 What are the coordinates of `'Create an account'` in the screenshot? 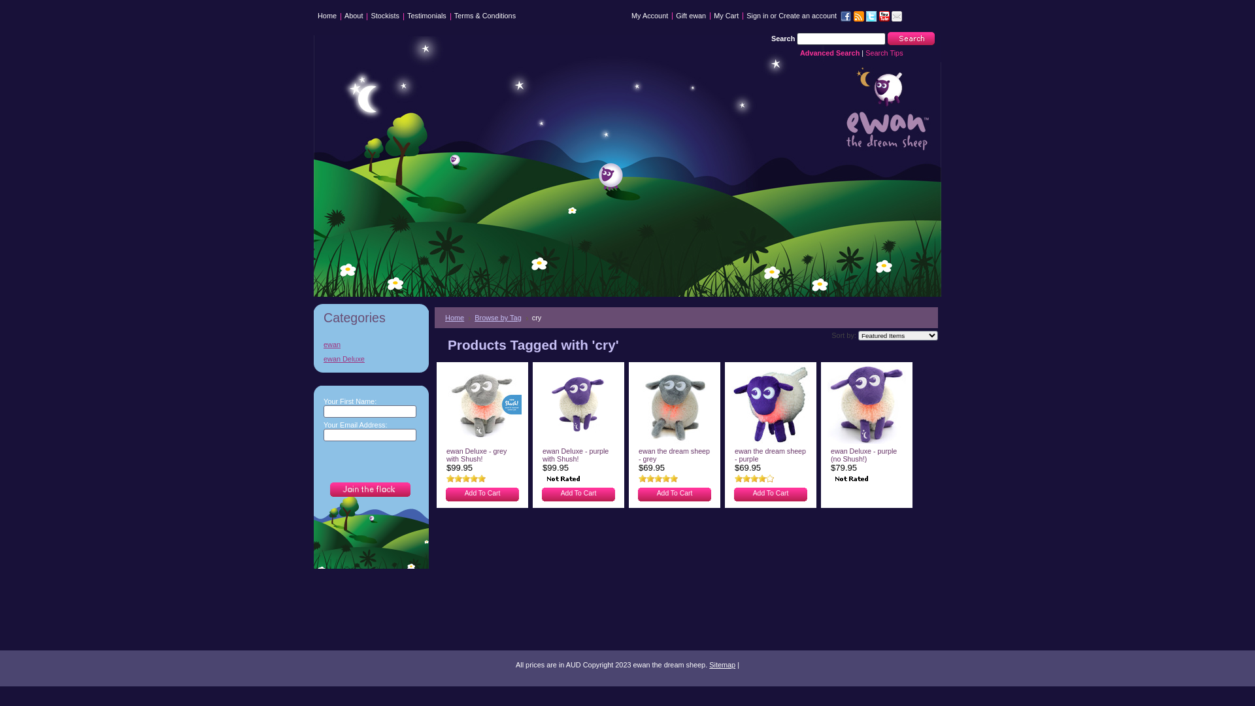 It's located at (807, 15).